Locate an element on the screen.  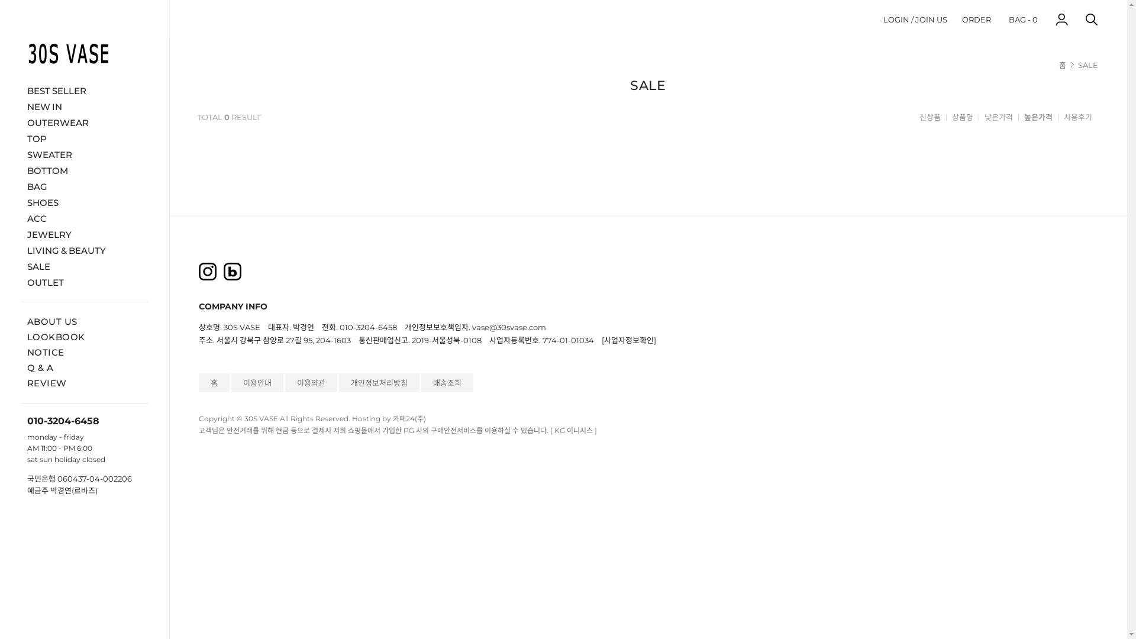
'BAG - 0' is located at coordinates (1022, 19).